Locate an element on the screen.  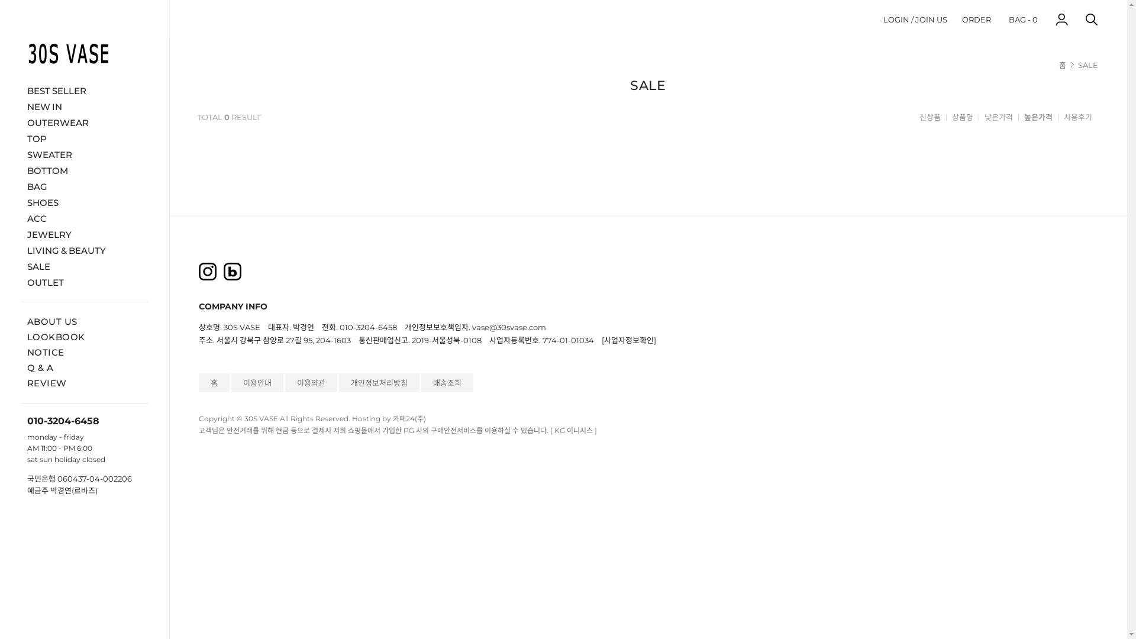
'BAG - 0' is located at coordinates (1022, 19).